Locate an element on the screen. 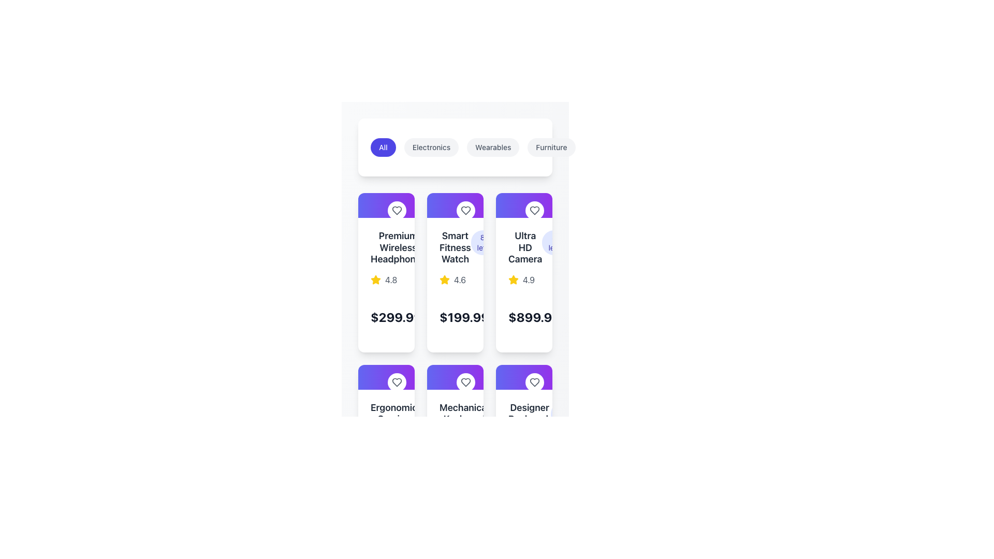 The width and height of the screenshot is (994, 559). the bold price label displayed below the star rating and product title 'Smart Fitness Watch', which is centered horizontally in the card structure is located at coordinates (455, 316).